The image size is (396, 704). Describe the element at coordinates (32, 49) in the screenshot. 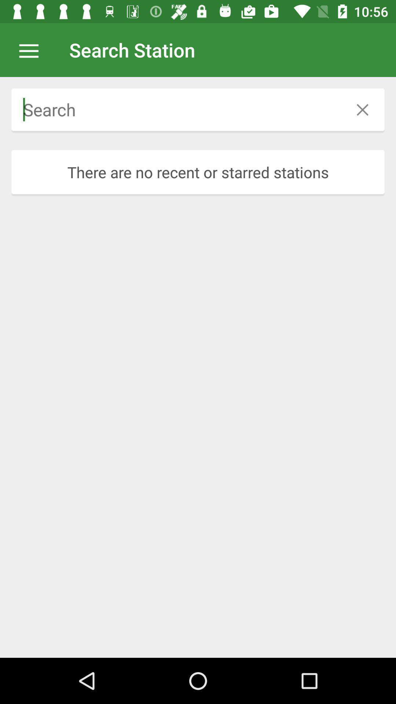

I see `the icon next to search station item` at that location.